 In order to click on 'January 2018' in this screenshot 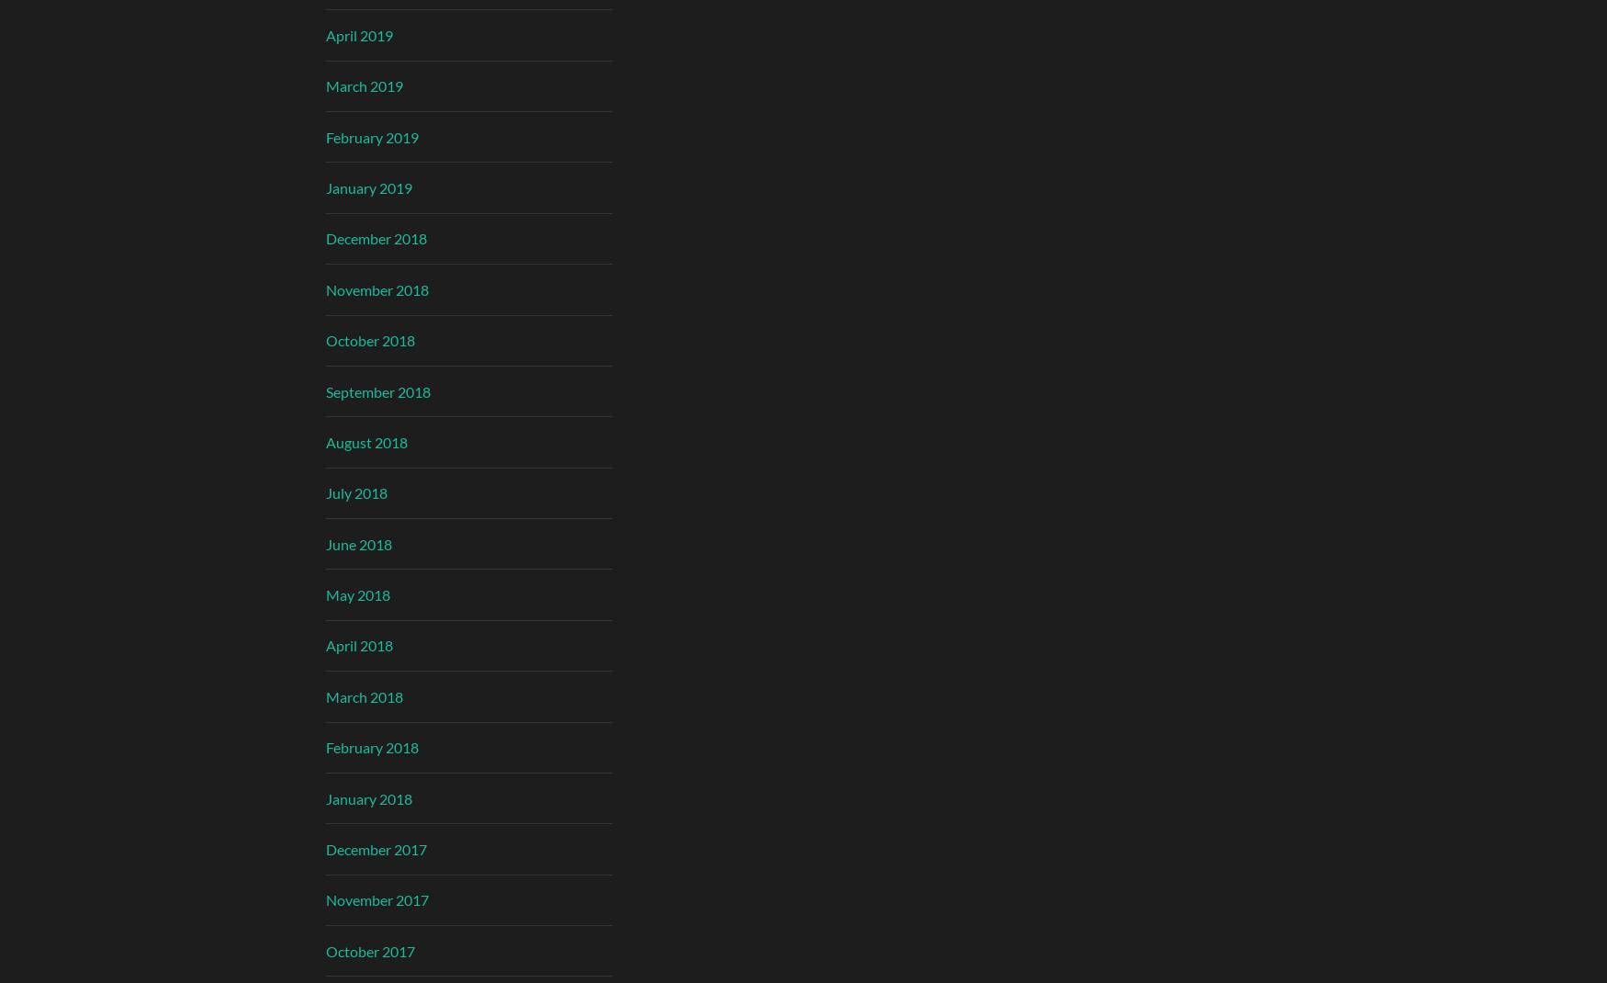, I will do `click(367, 797)`.